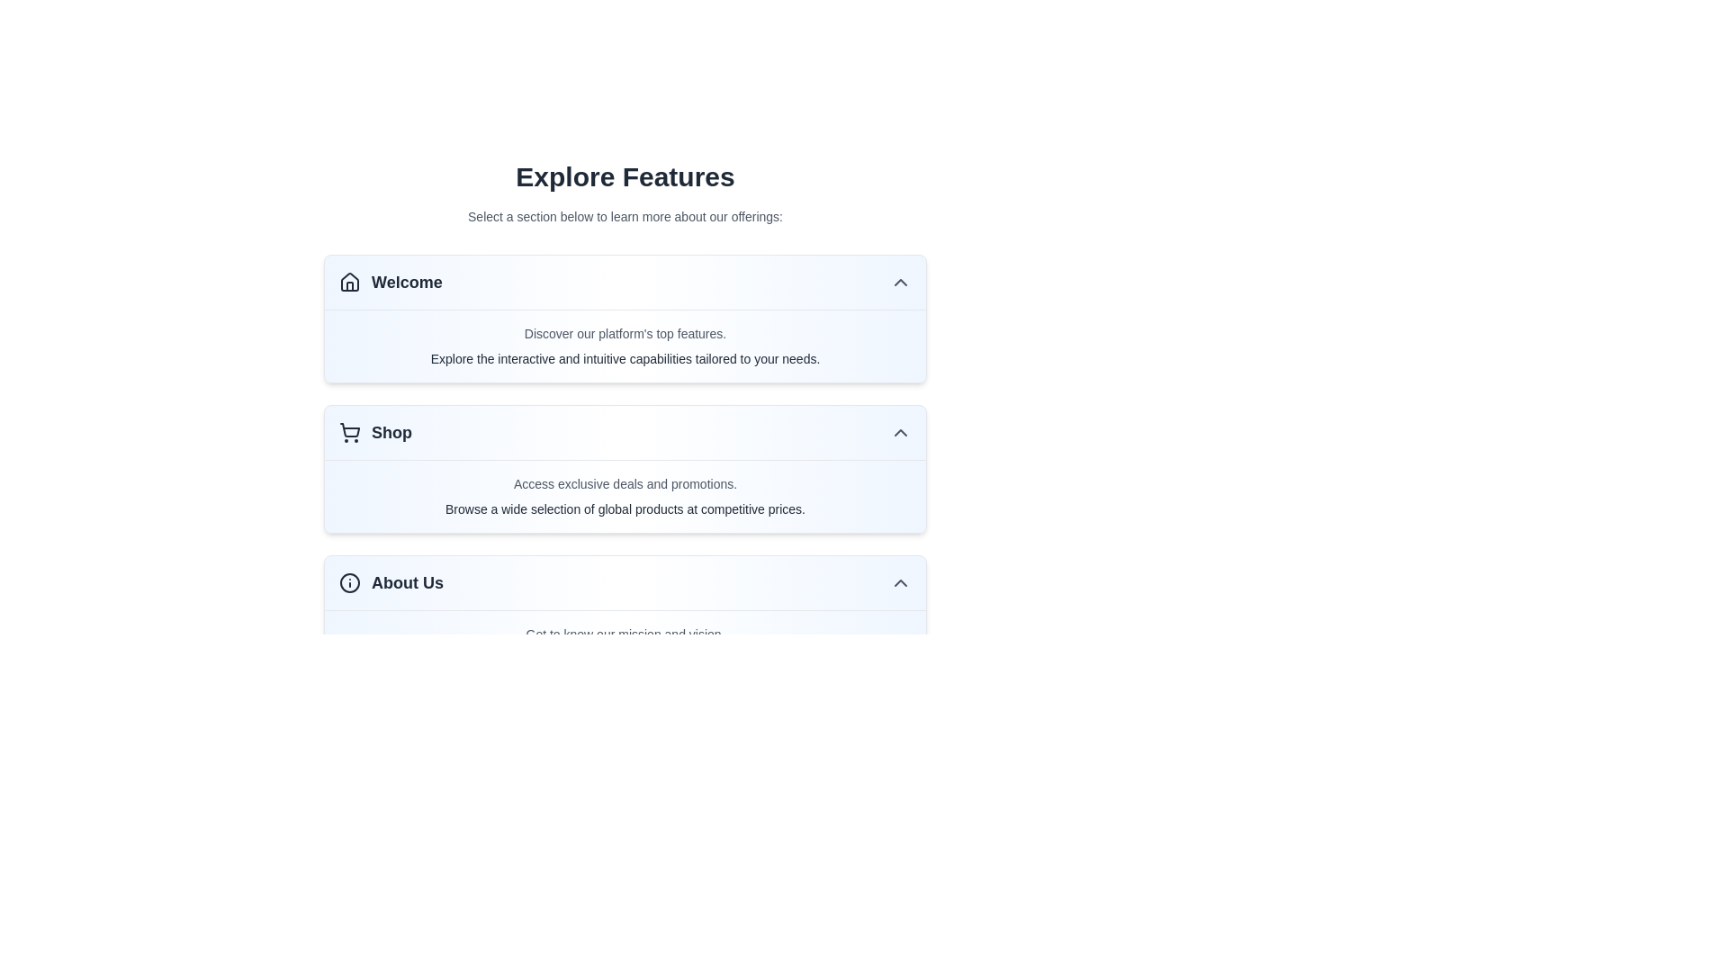 This screenshot has height=972, width=1728. Describe the element at coordinates (349, 583) in the screenshot. I see `the circular icon located to the left of the 'About Us' text in the lower part of the interface` at that location.